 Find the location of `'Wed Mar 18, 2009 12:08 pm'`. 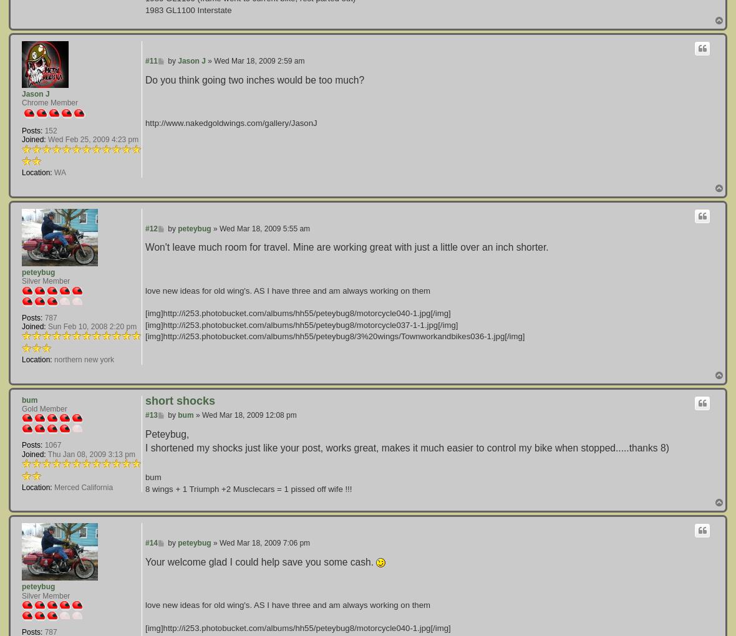

'Wed Mar 18, 2009 12:08 pm' is located at coordinates (248, 415).